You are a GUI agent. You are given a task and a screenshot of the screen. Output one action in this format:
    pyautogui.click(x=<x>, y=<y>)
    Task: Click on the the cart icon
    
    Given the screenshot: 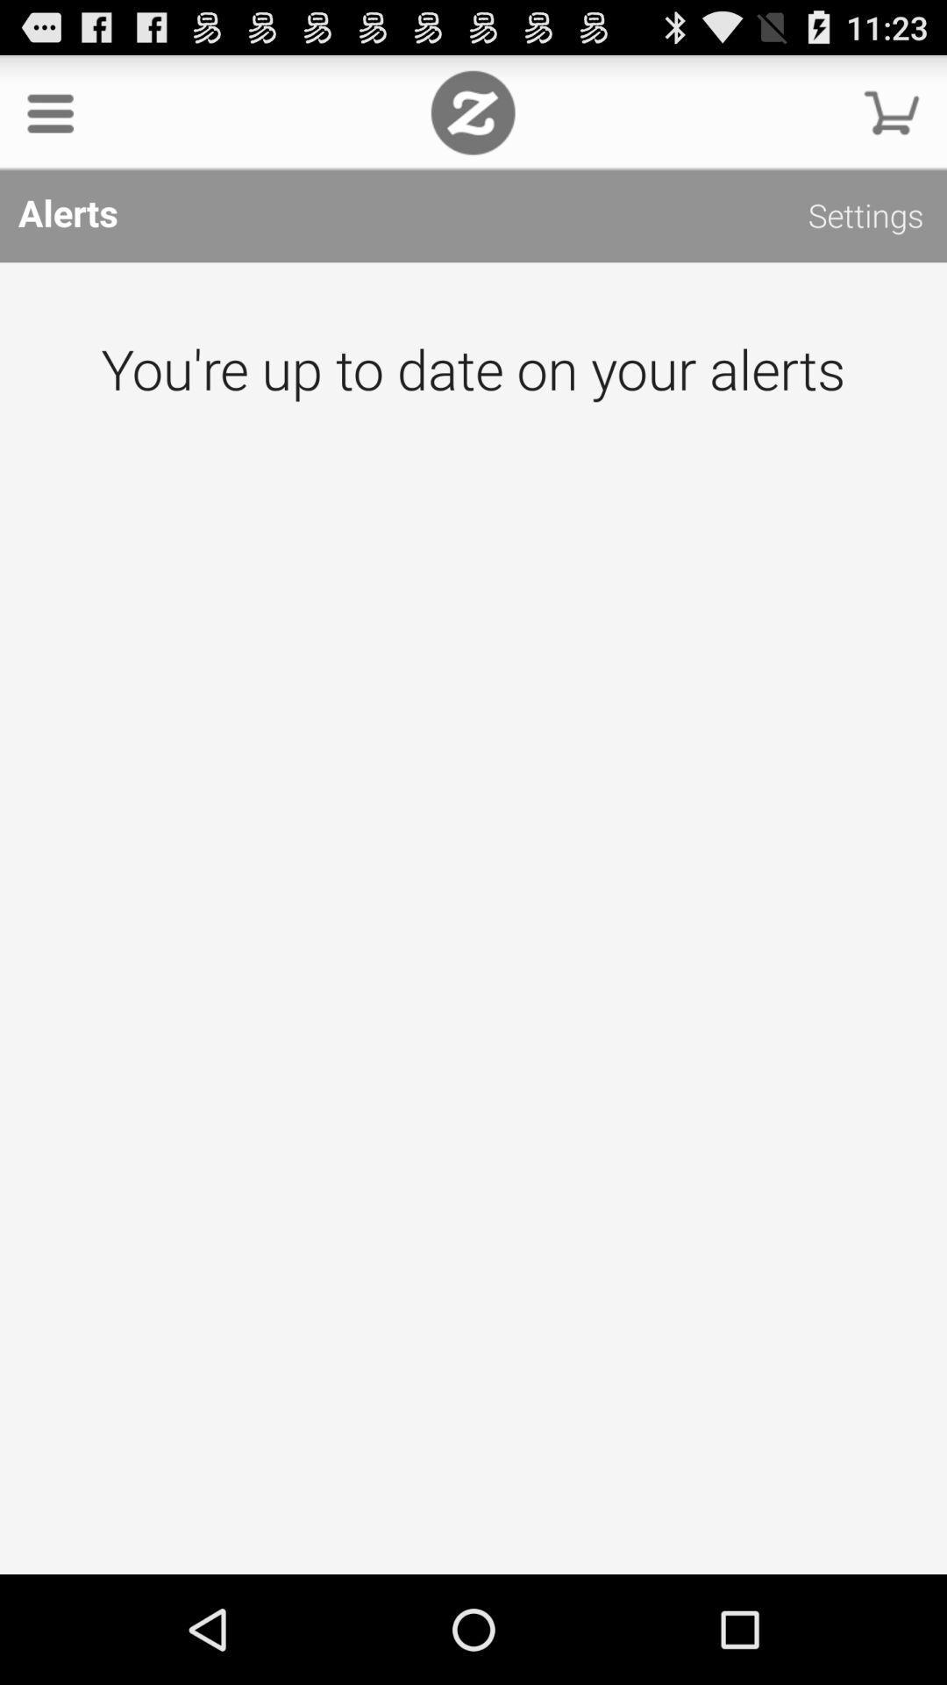 What is the action you would take?
    pyautogui.click(x=892, y=119)
    